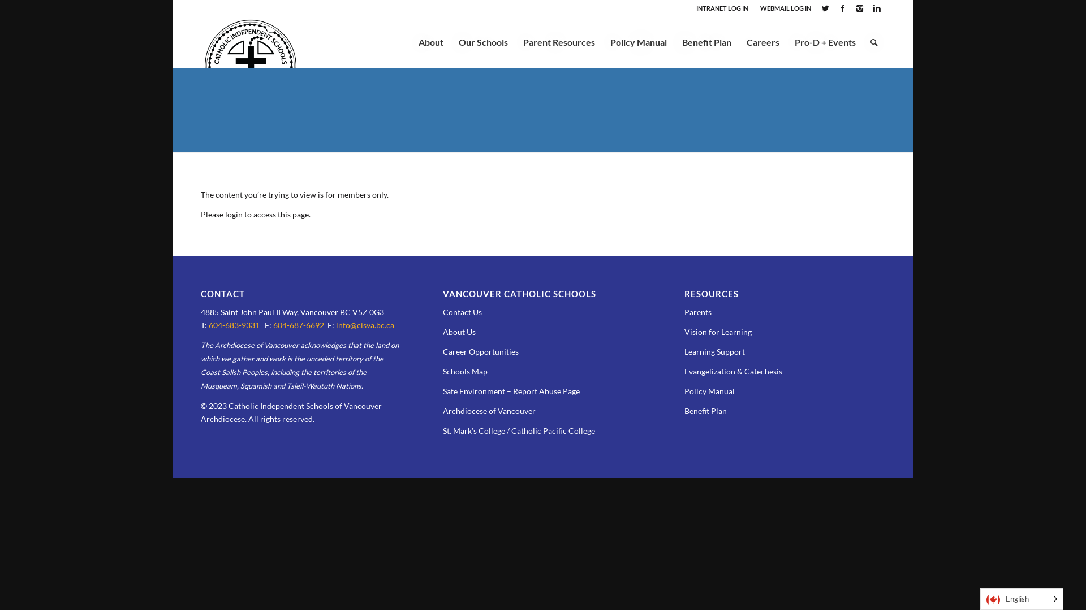  I want to click on 'Schools Map', so click(465, 371).